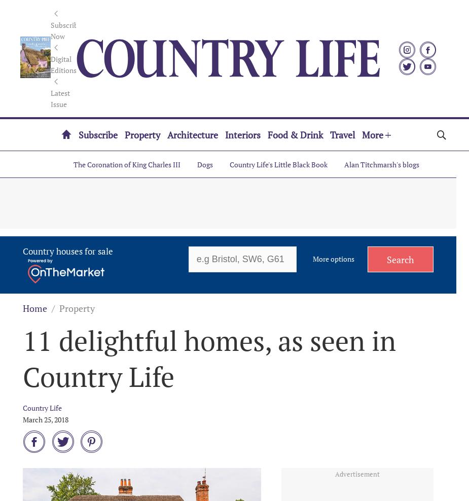 This screenshot has height=501, width=469. I want to click on 'Home', so click(34, 308).